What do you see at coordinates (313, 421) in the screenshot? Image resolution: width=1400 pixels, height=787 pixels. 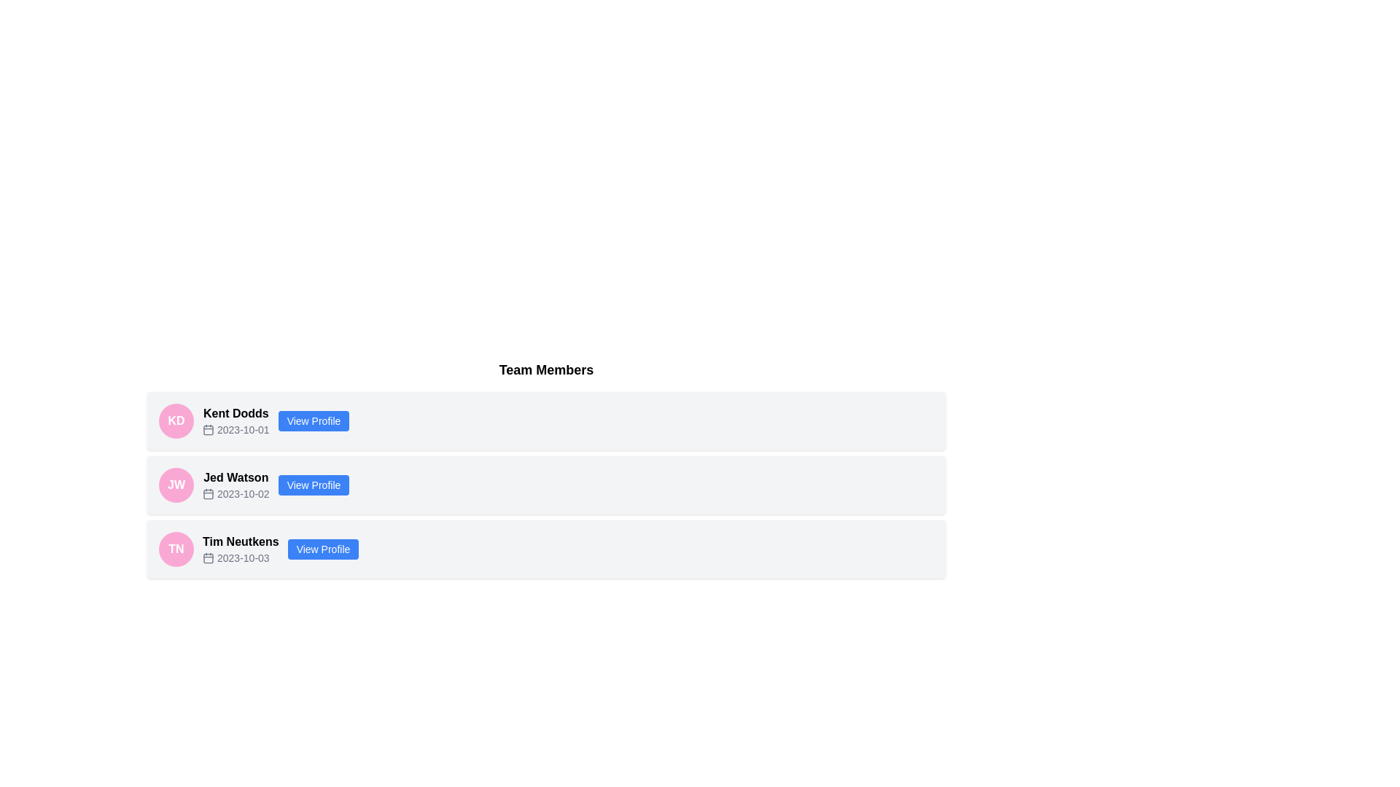 I see `the rectangular blue button with white text 'View Profile' located to the right of 'Kent Dodds' to observe the hover effect` at bounding box center [313, 421].